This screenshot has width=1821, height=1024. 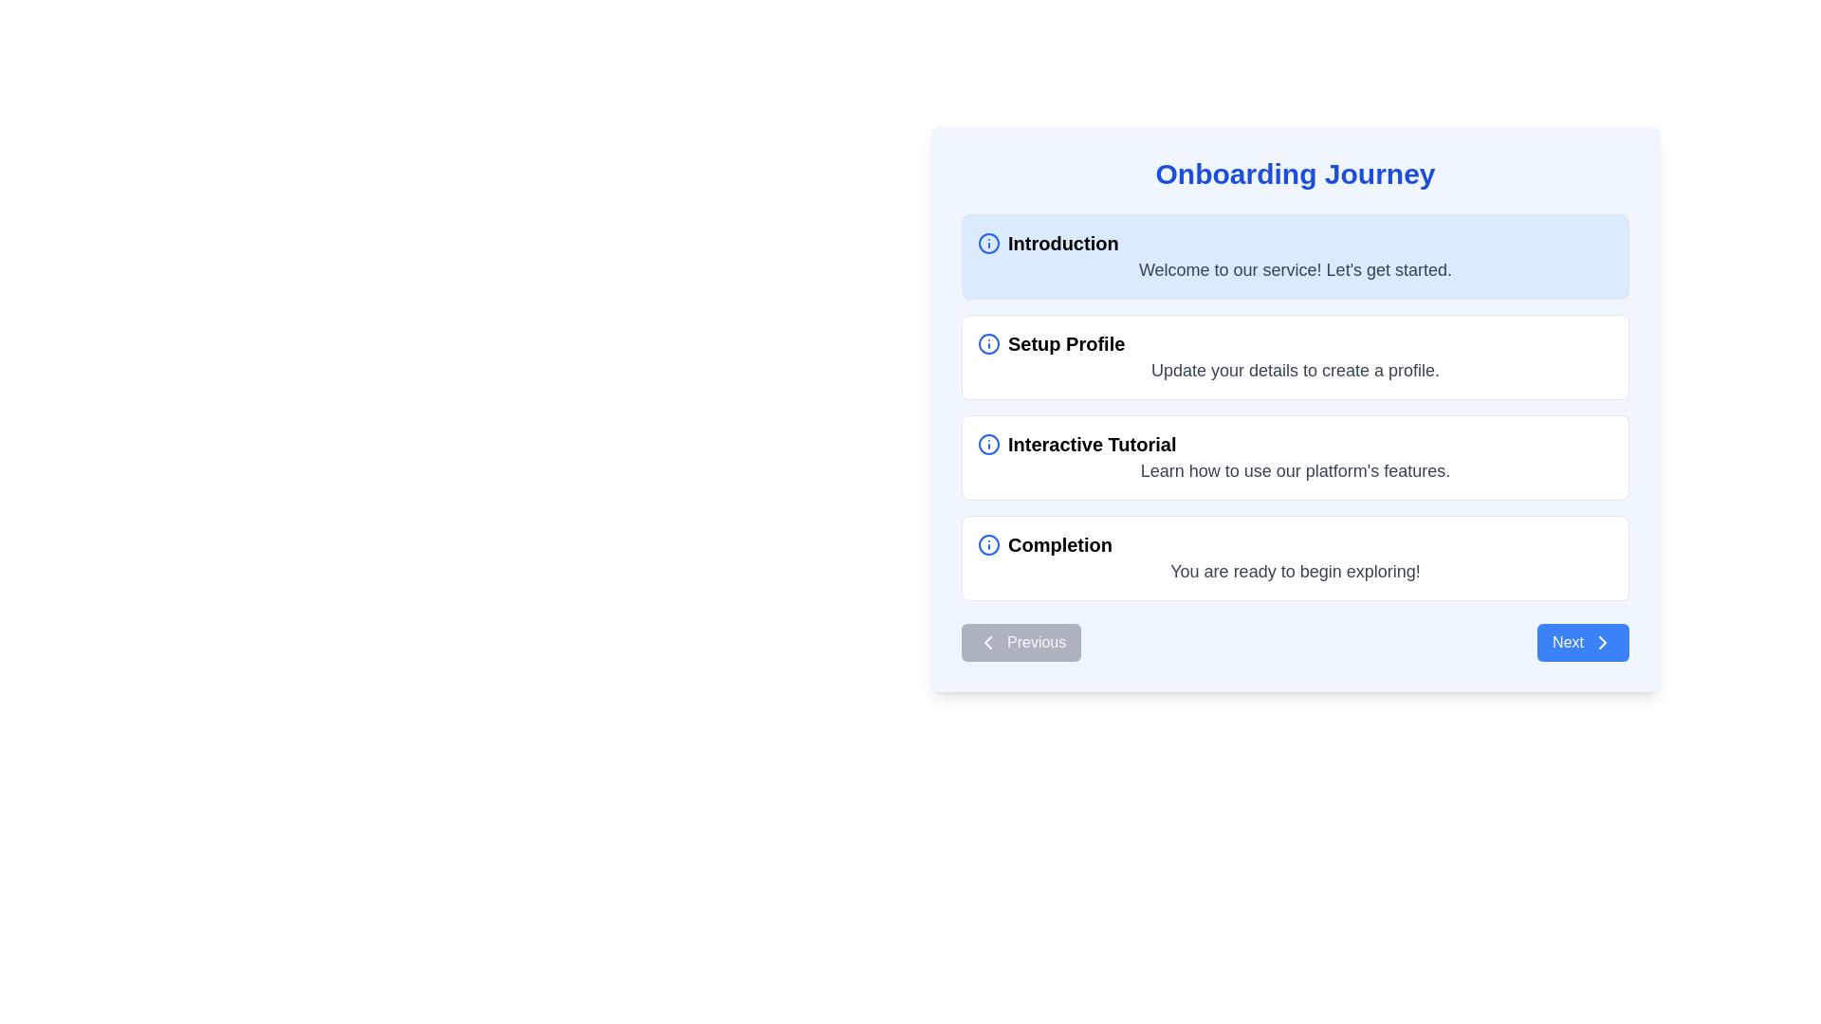 What do you see at coordinates (986, 642) in the screenshot?
I see `the left-facing chevron icon that is part of the 'Previous' button, which has a gray background and is located at the bottom-left corner of the interface panel` at bounding box center [986, 642].